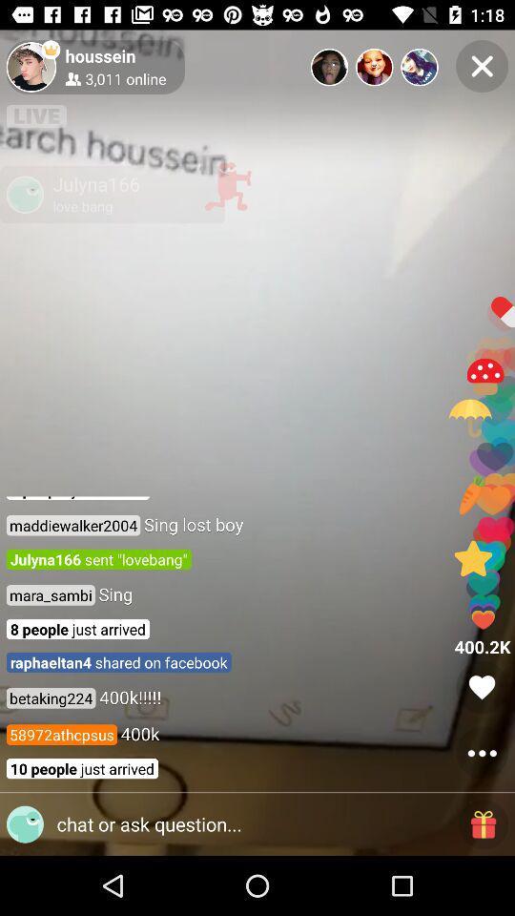 The image size is (515, 916). I want to click on the gift icon, so click(484, 823).